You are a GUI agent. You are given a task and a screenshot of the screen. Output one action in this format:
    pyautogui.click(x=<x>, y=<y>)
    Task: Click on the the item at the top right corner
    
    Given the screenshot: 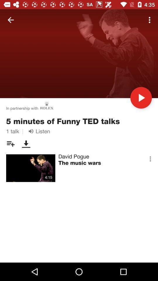 What is the action you would take?
    pyautogui.click(x=150, y=20)
    